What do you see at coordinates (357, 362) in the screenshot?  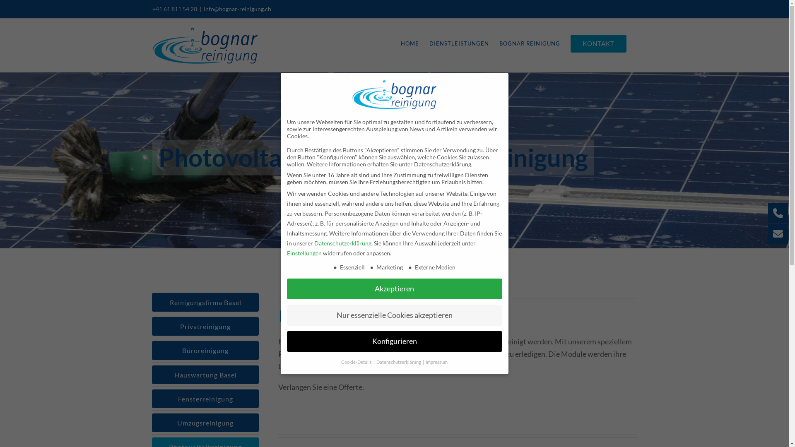 I see `'Cookie-Details'` at bounding box center [357, 362].